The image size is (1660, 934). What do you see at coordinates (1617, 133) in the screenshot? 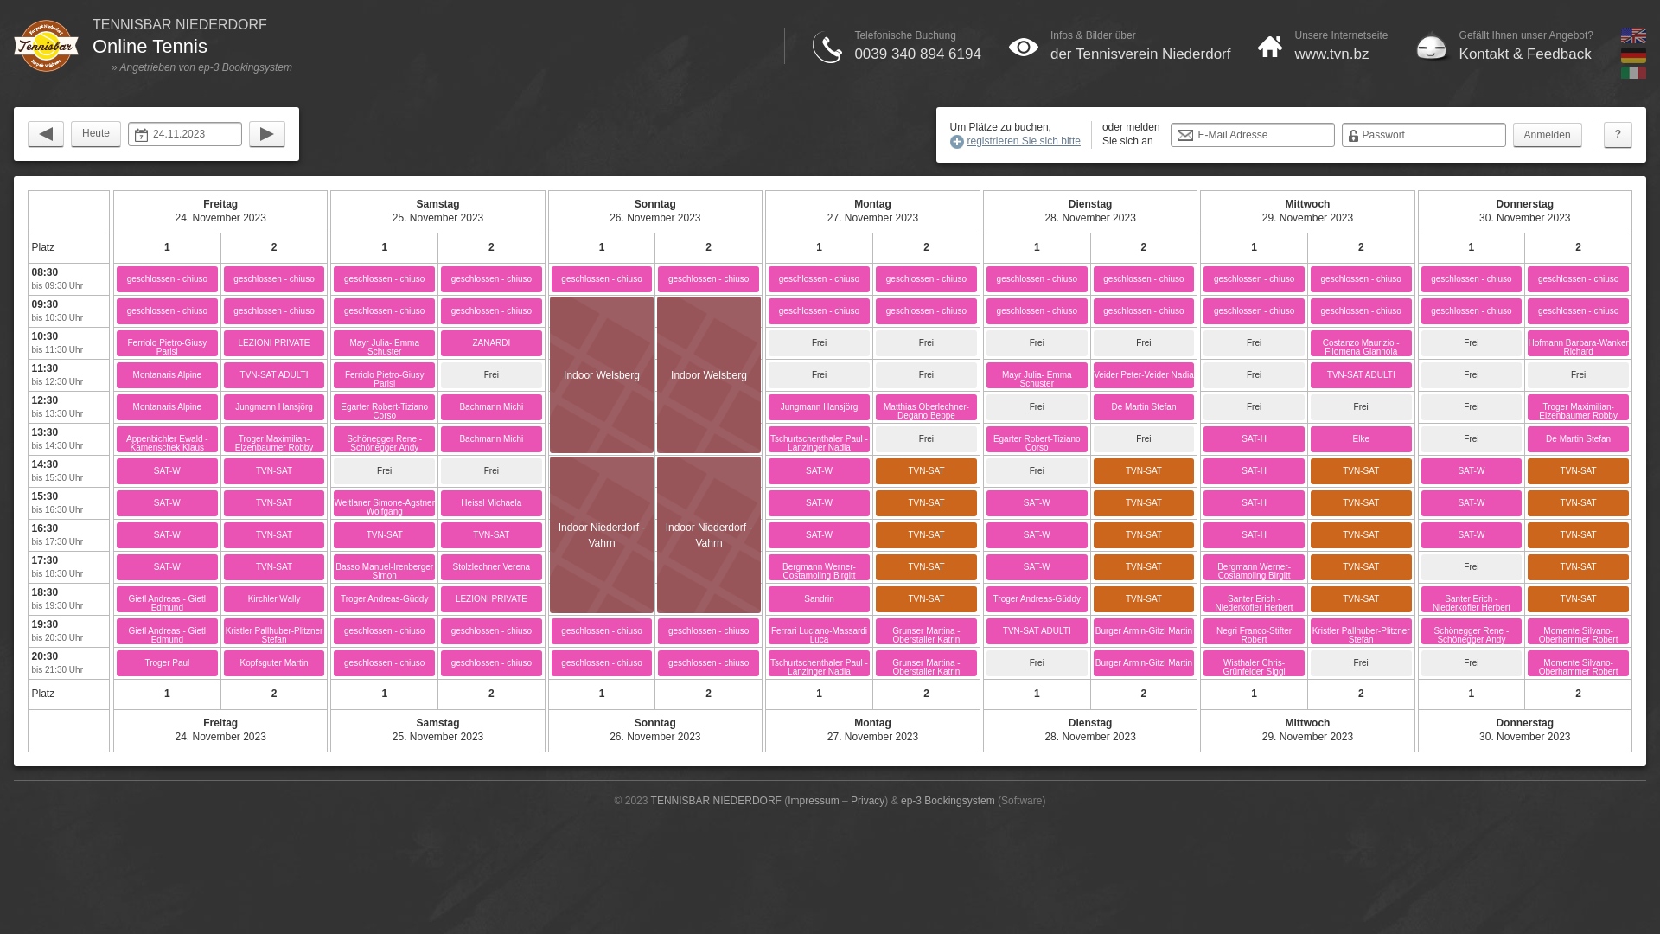
I see `'?'` at bounding box center [1617, 133].